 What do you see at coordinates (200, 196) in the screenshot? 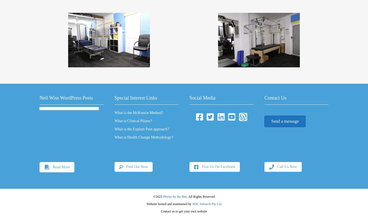
I see `'.  All Rights Reserved'` at bounding box center [200, 196].